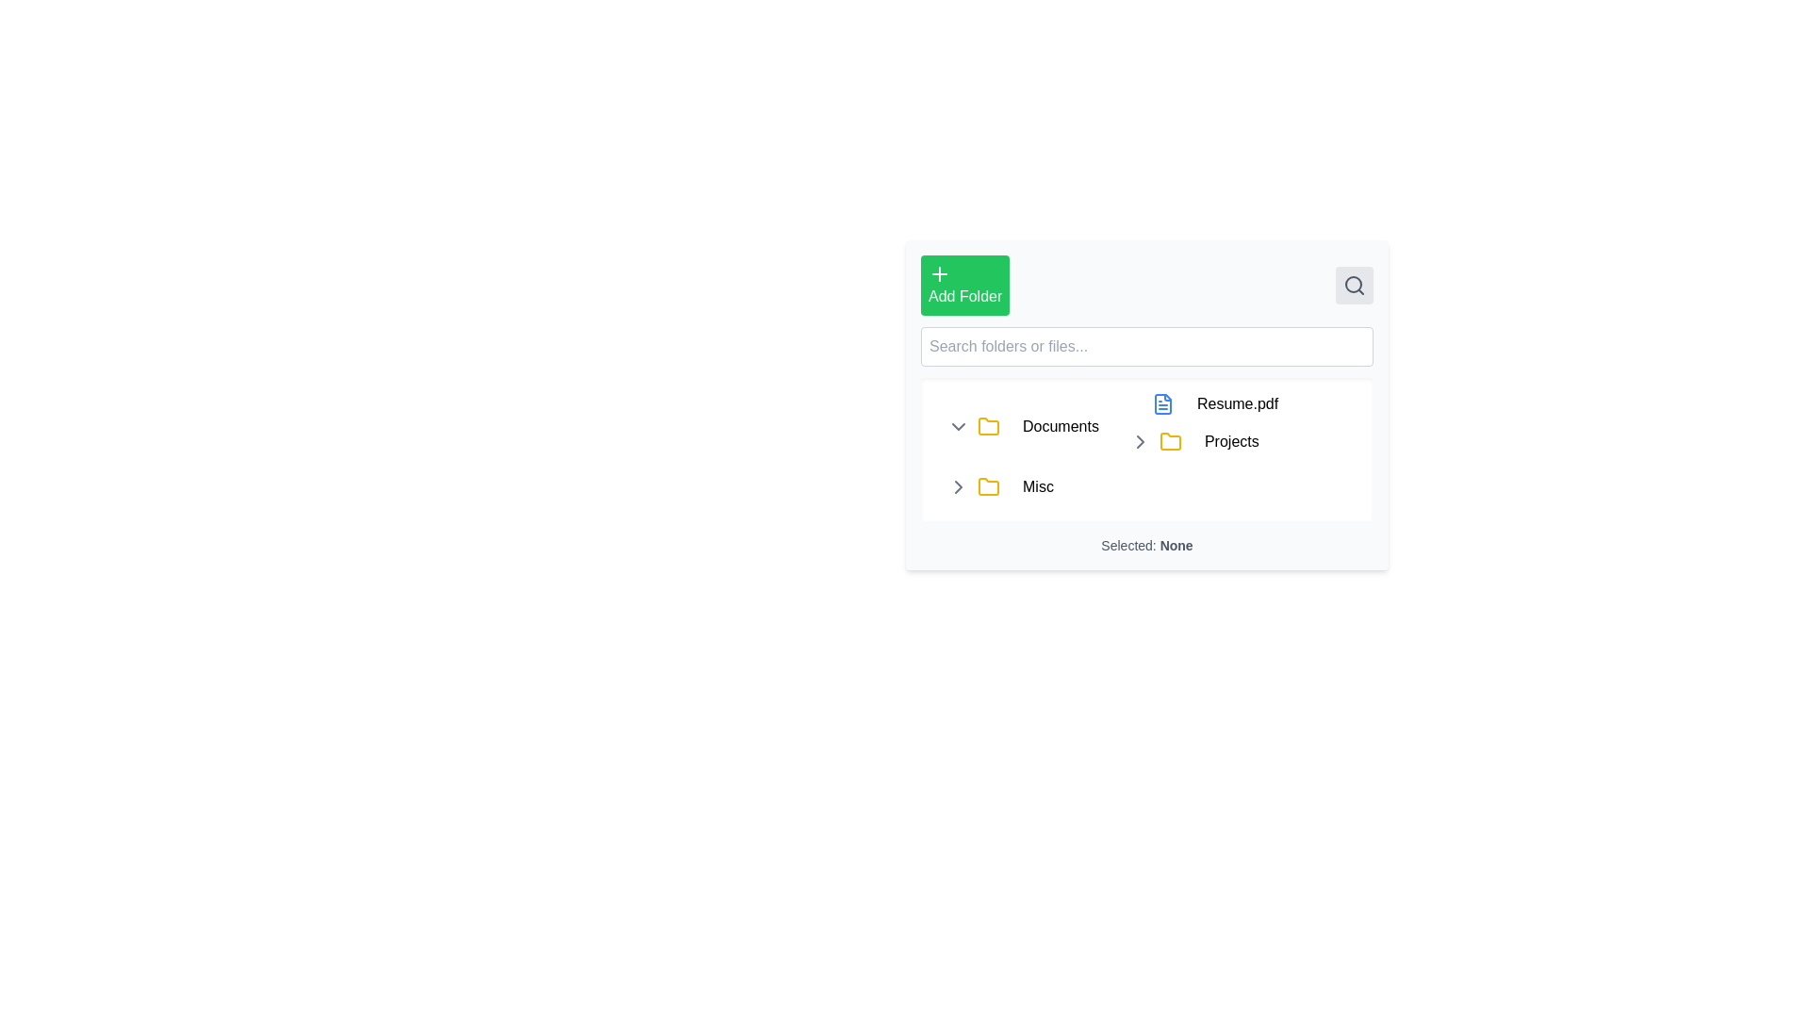  I want to click on the blue document icon located next to the text label 'Resume.pdf', so click(1161, 402).